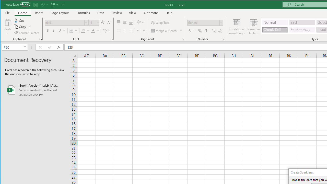 The height and width of the screenshot is (184, 327). Describe the element at coordinates (125, 22) in the screenshot. I see `'Middle Align'` at that location.